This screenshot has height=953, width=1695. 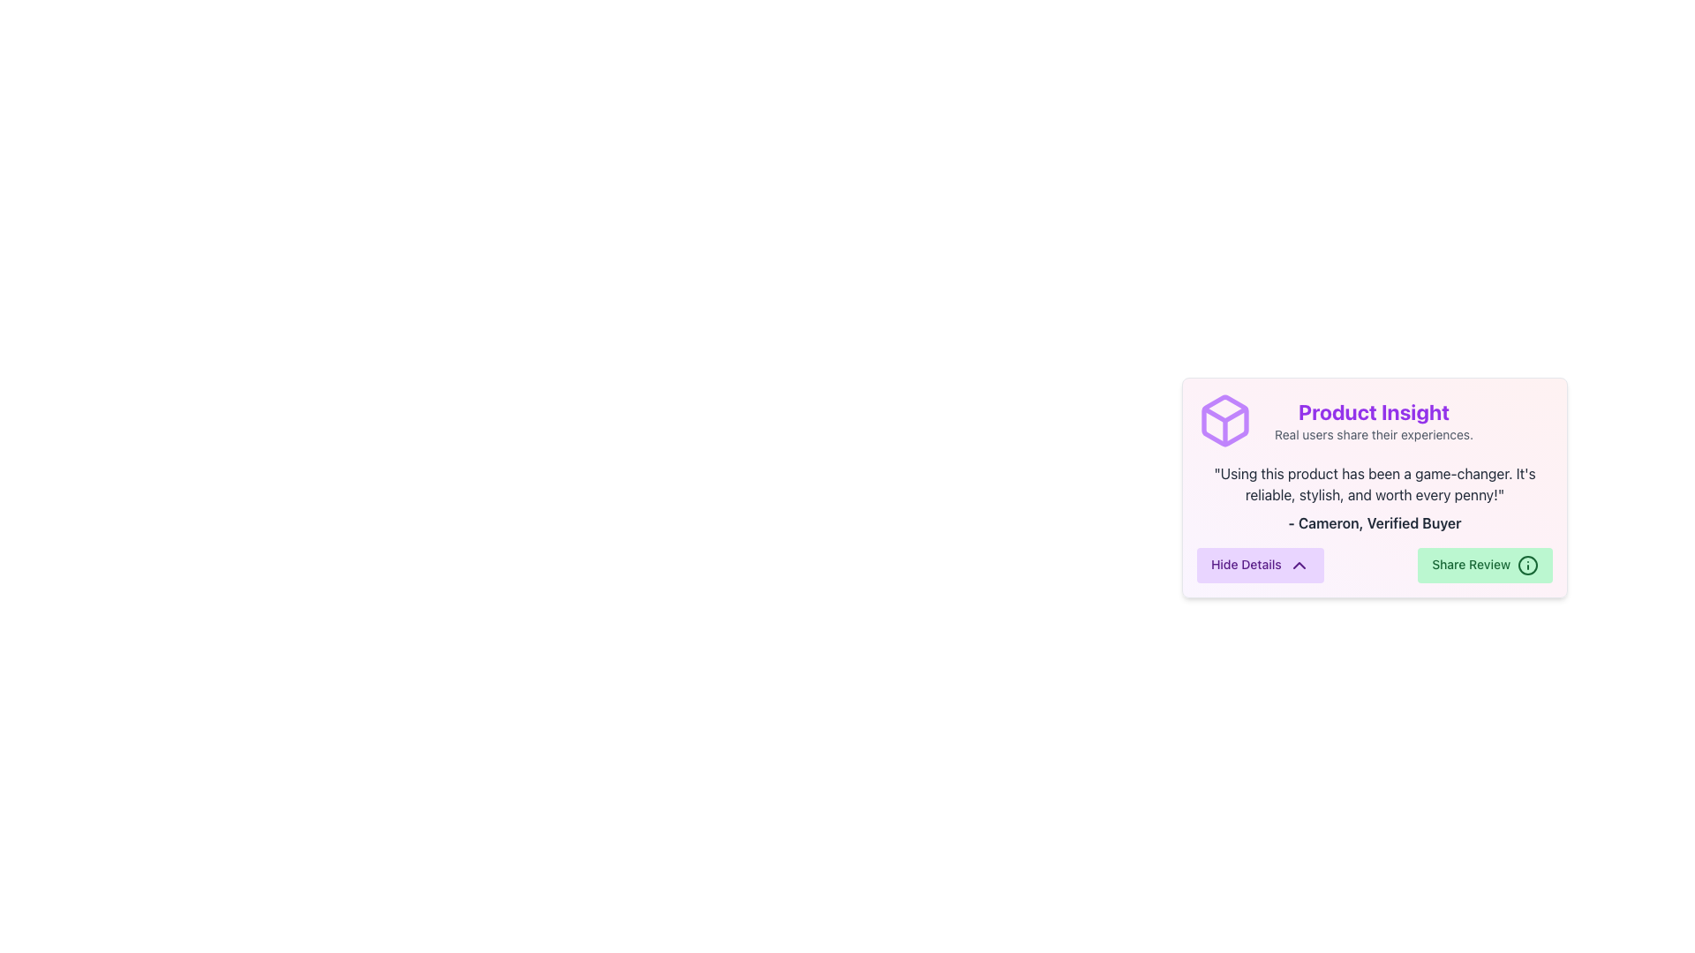 What do you see at coordinates (1374, 484) in the screenshot?
I see `the Text Display that contains the message: "Using this product has been a game-changer. It's reliable, stylish, and worth every penny!"` at bounding box center [1374, 484].